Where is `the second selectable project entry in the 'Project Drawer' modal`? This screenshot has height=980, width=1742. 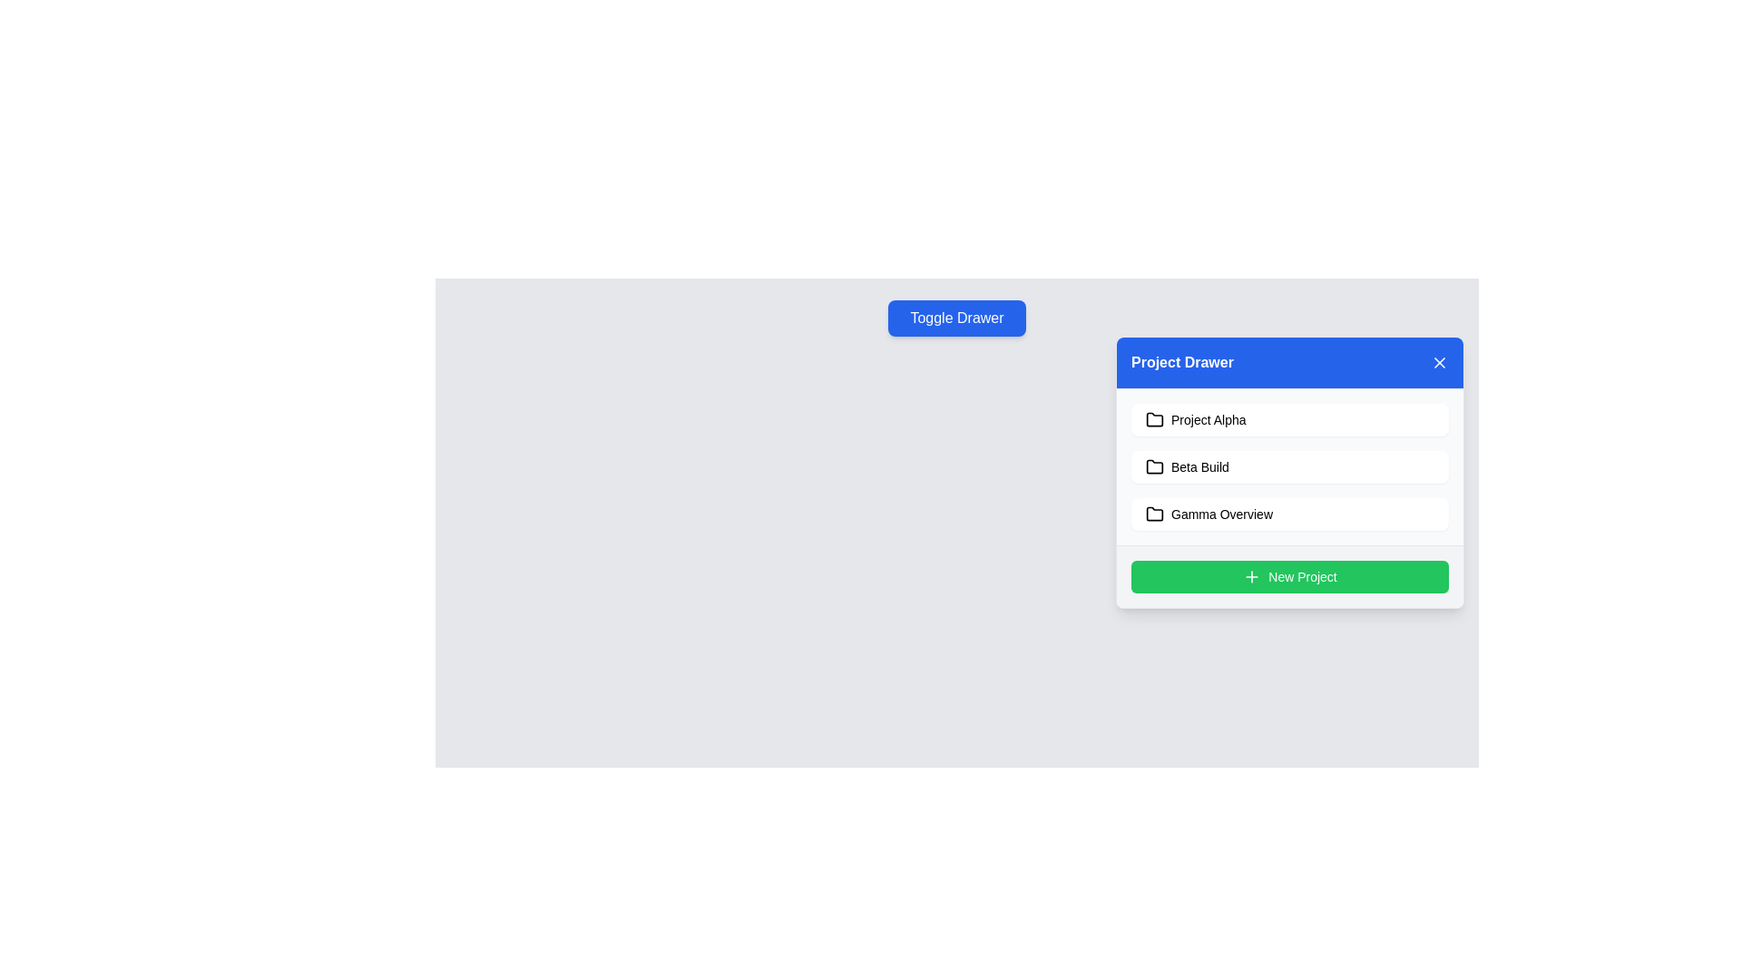
the second selectable project entry in the 'Project Drawer' modal is located at coordinates (1288, 466).